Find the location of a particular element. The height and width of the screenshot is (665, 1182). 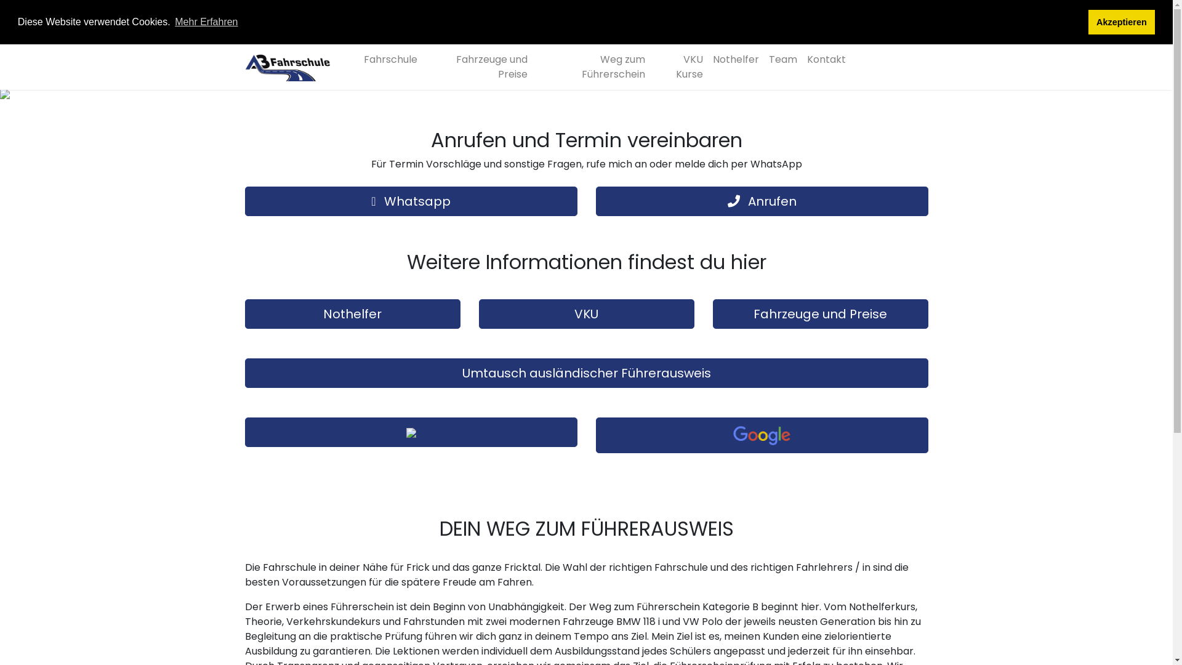

'Fahrschule' is located at coordinates (389, 59).